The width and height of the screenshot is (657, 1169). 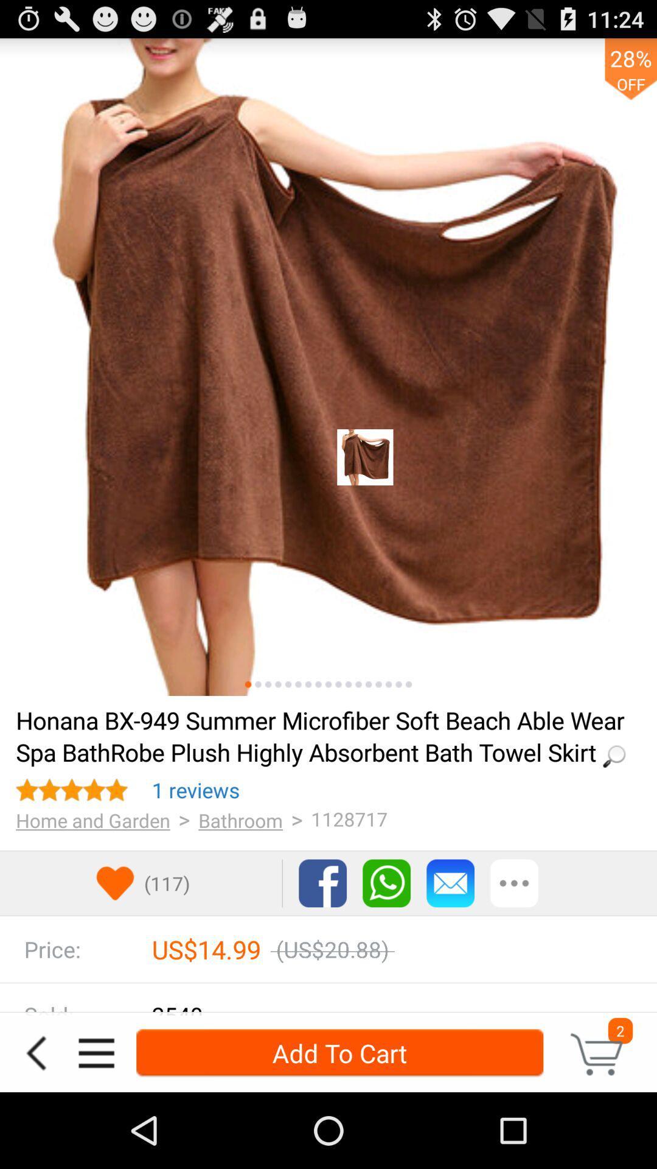 I want to click on share in facebook, so click(x=322, y=883).